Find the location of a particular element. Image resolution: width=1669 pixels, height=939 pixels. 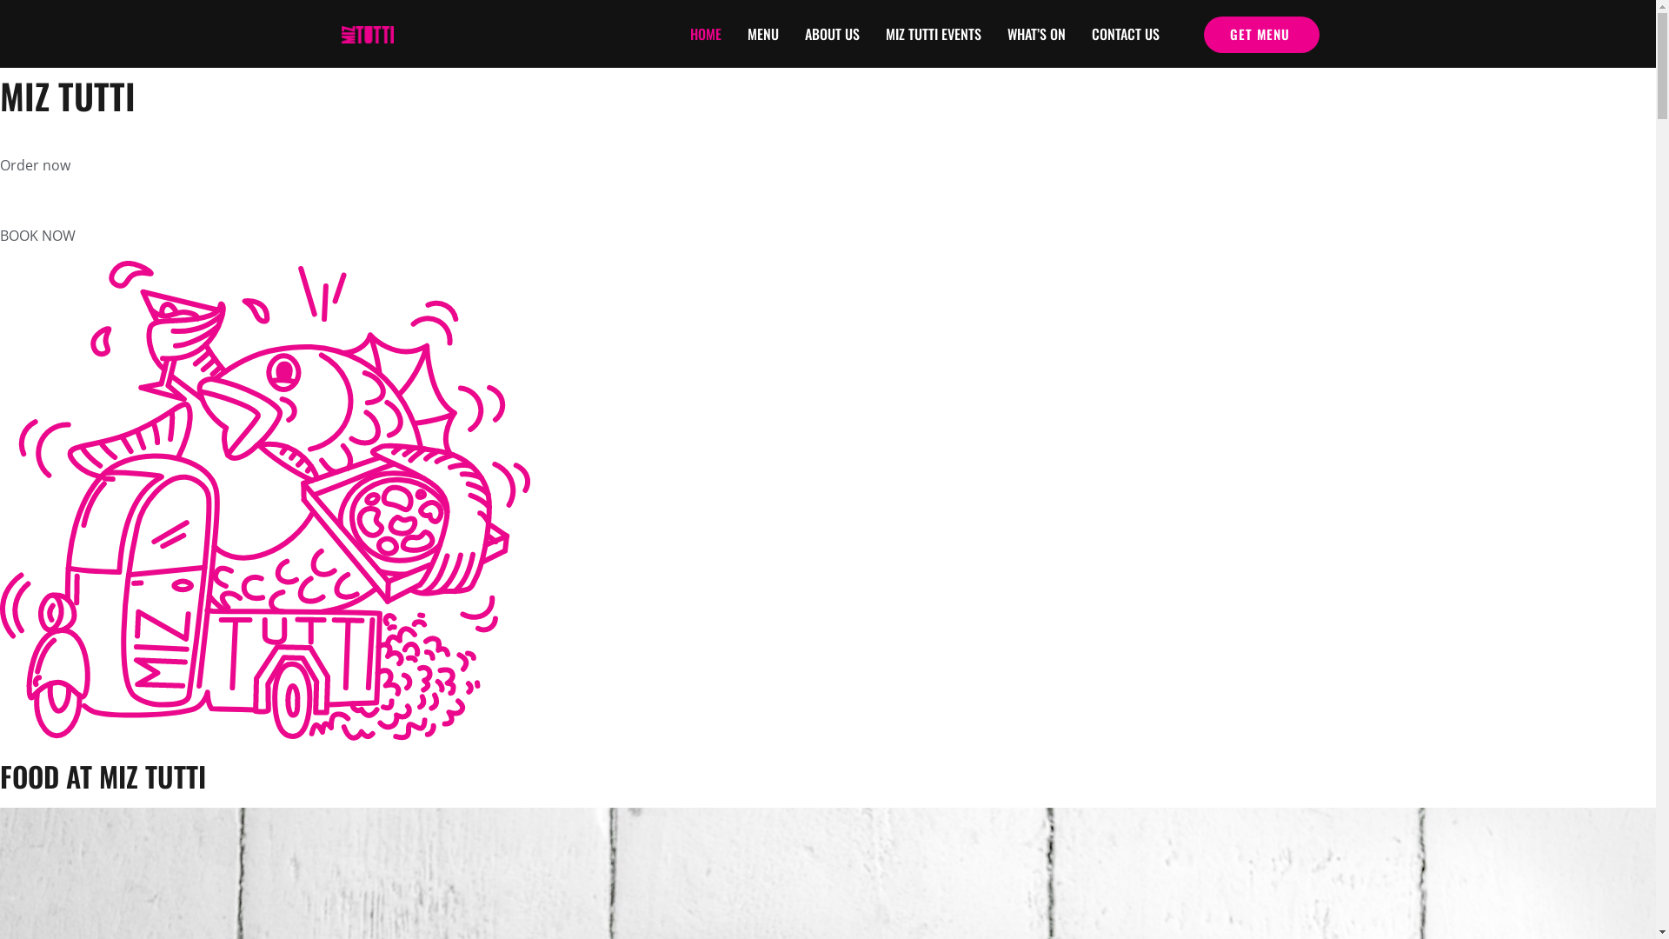

'MENU' is located at coordinates (763, 34).